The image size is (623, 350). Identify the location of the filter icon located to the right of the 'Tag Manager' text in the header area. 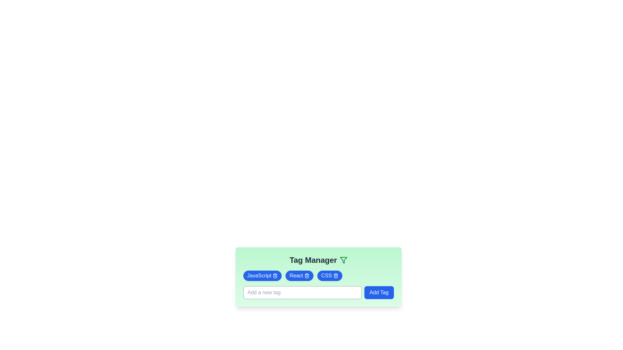
(343, 260).